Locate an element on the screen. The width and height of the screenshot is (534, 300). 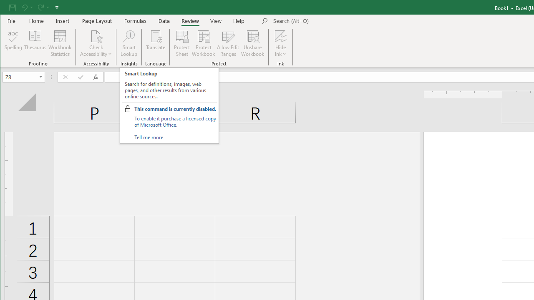
'Check Accessibility' is located at coordinates (96, 35).